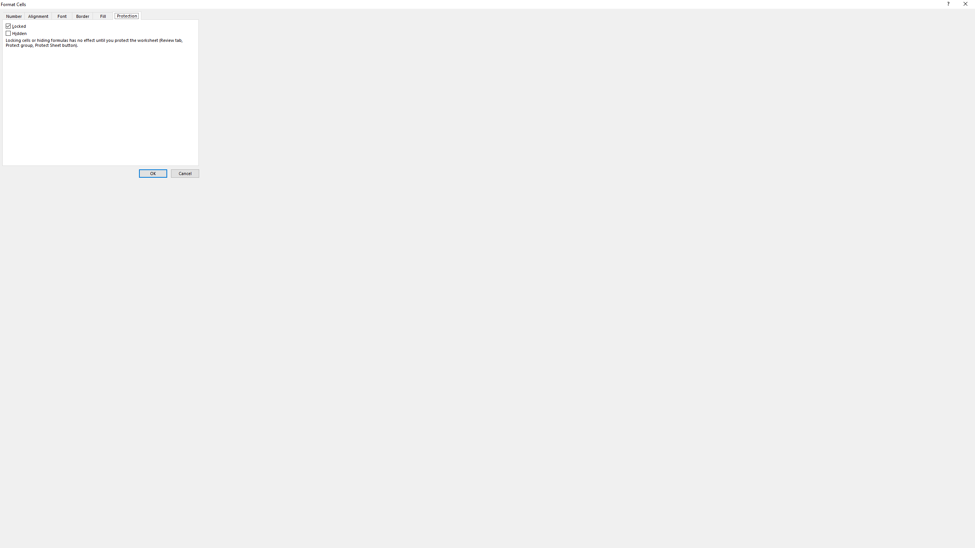 This screenshot has width=975, height=548. What do you see at coordinates (16, 26) in the screenshot?
I see `'Locked'` at bounding box center [16, 26].